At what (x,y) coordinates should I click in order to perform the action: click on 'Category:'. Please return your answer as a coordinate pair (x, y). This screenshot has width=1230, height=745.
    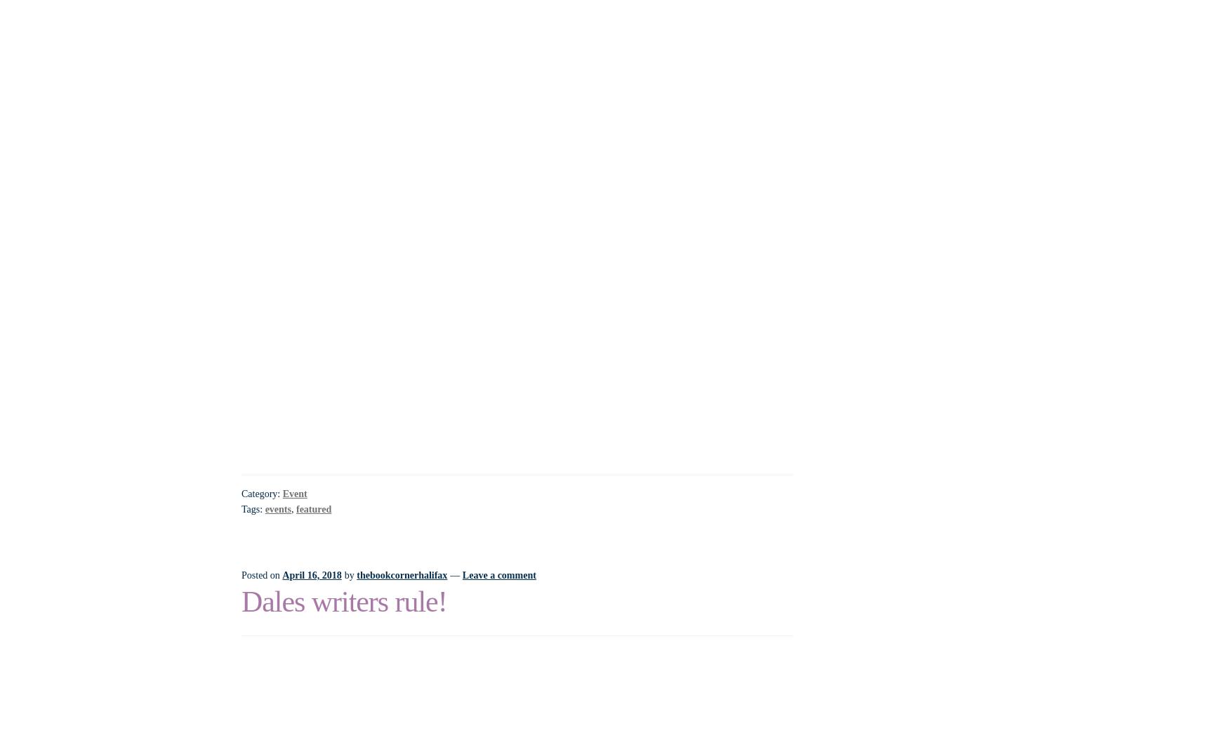
    Looking at the image, I should click on (261, 492).